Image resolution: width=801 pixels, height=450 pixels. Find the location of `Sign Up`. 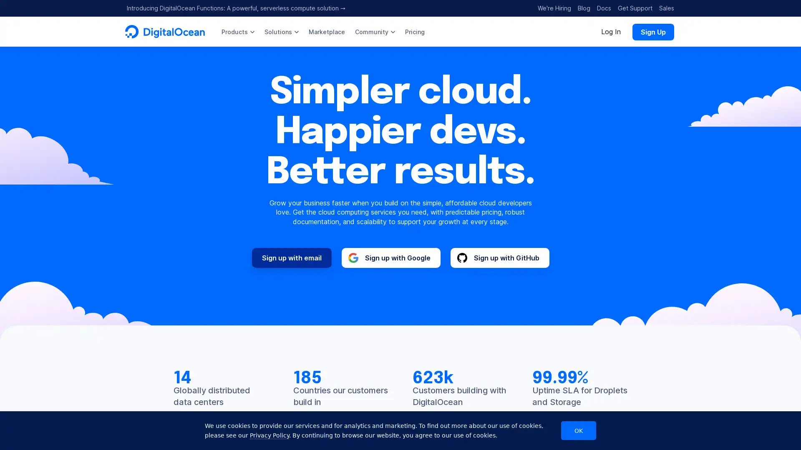

Sign Up is located at coordinates (652, 31).